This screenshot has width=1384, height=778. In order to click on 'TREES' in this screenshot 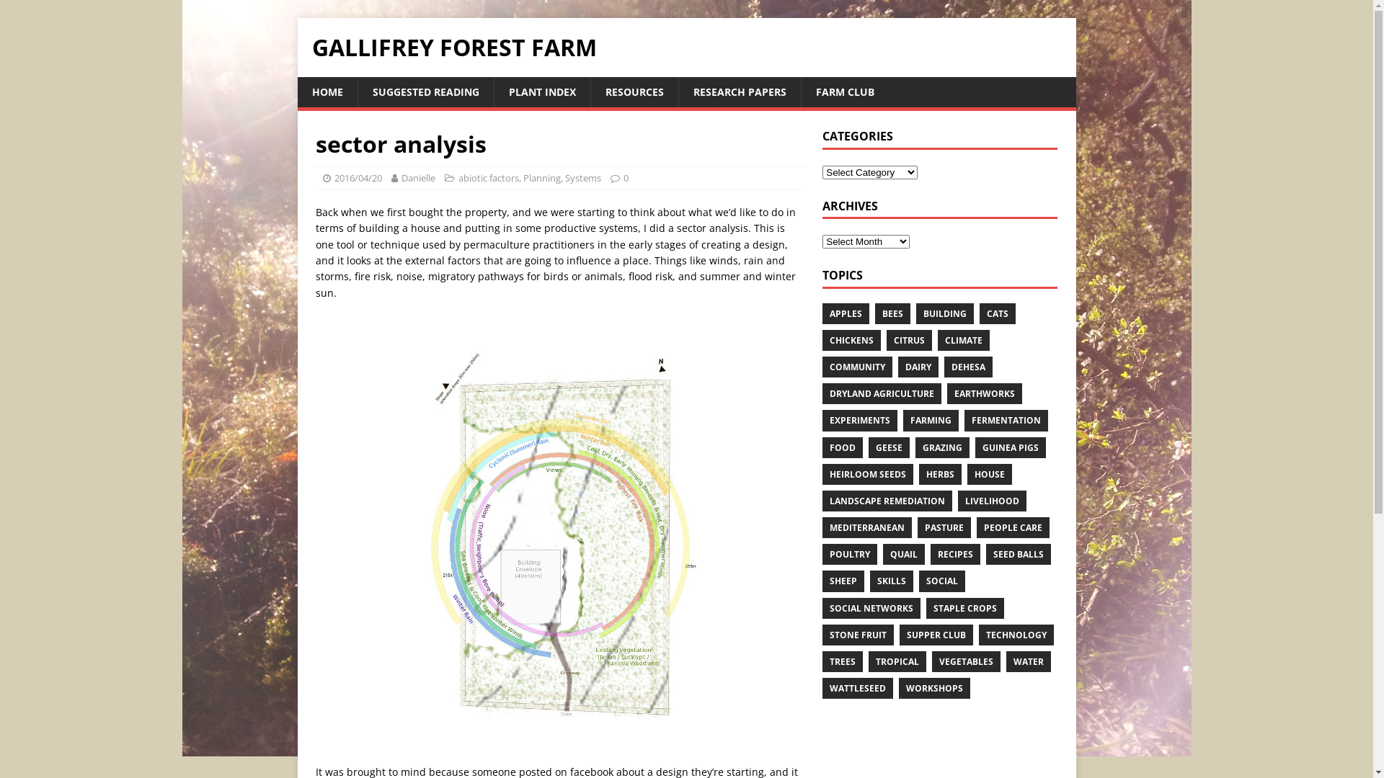, I will do `click(822, 661)`.